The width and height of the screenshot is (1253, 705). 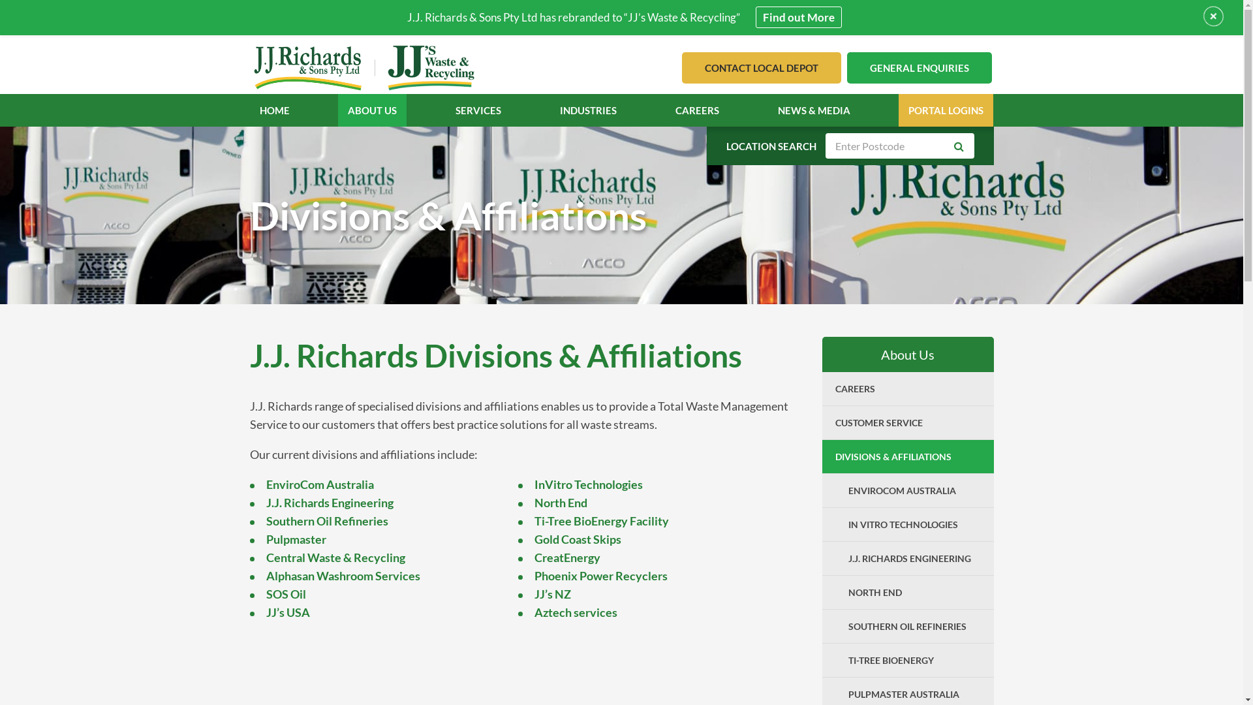 I want to click on 'CreatEnergy', so click(x=567, y=557).